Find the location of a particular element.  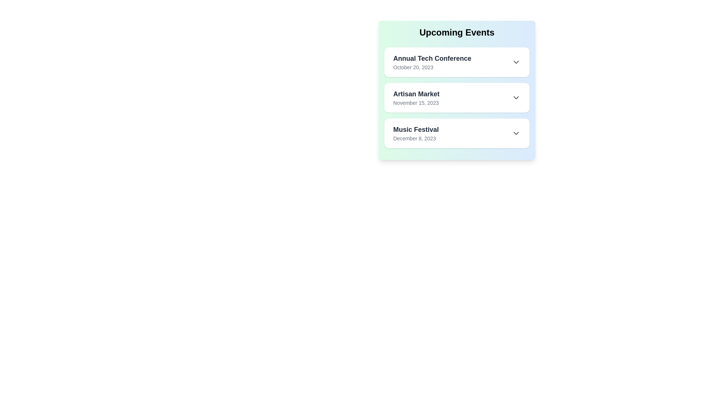

the chevron toggle icon located at the right edge of the bottom-most item under the 'Upcoming Events' header is located at coordinates (515, 133).